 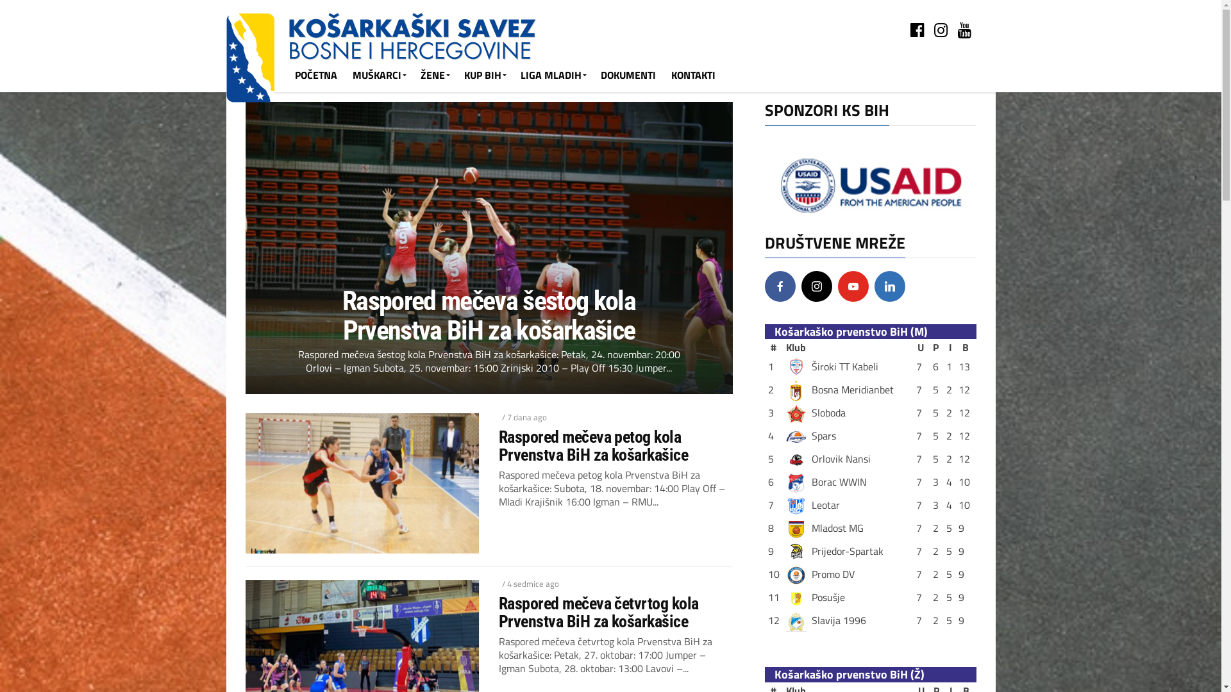 What do you see at coordinates (553, 74) in the screenshot?
I see `'LIGA MLADIH'` at bounding box center [553, 74].